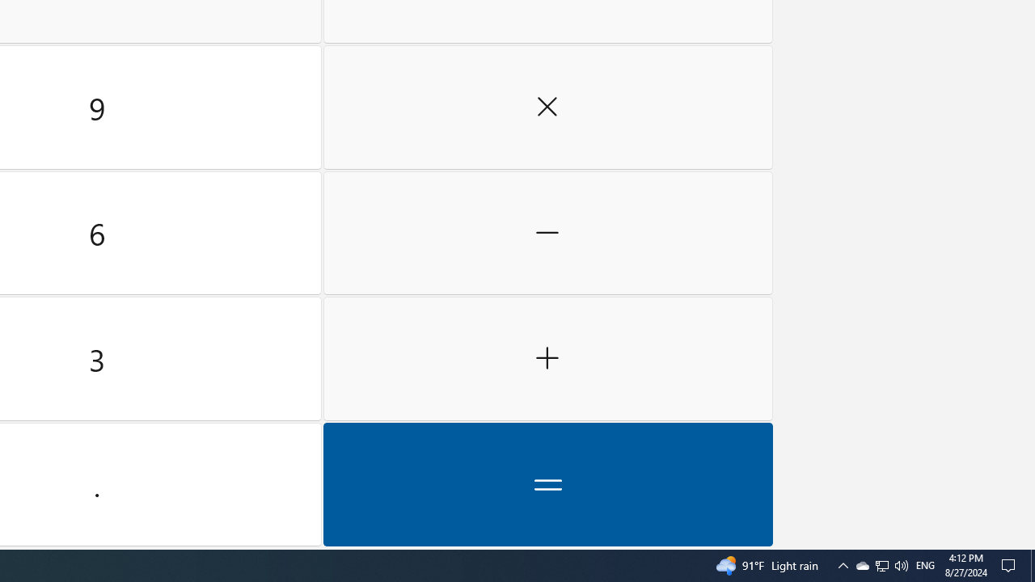 This screenshot has width=1035, height=582. Describe the element at coordinates (547, 108) in the screenshot. I see `'Multiply by'` at that location.